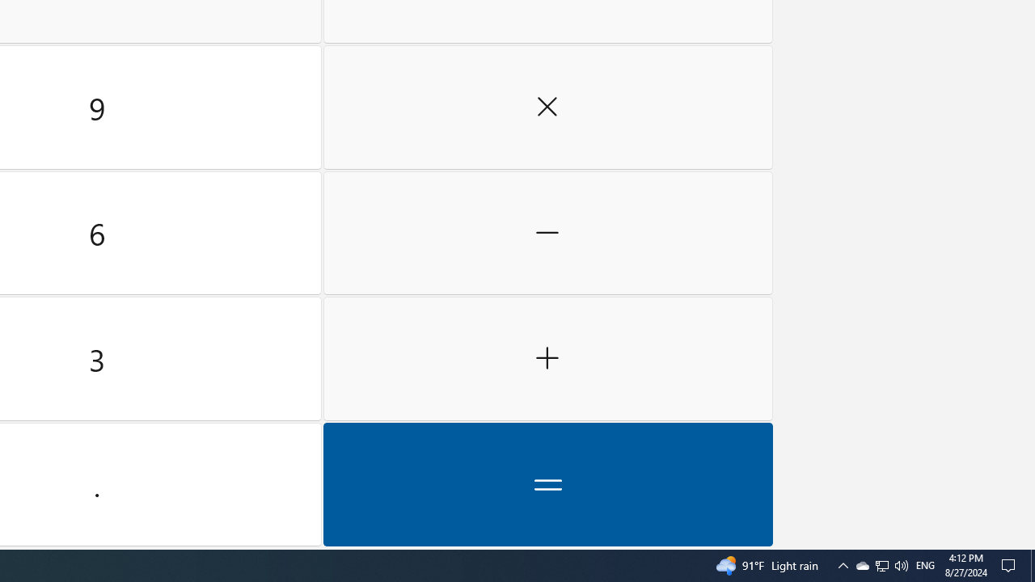 This screenshot has width=1035, height=582. Describe the element at coordinates (547, 108) in the screenshot. I see `'Multiply by'` at that location.